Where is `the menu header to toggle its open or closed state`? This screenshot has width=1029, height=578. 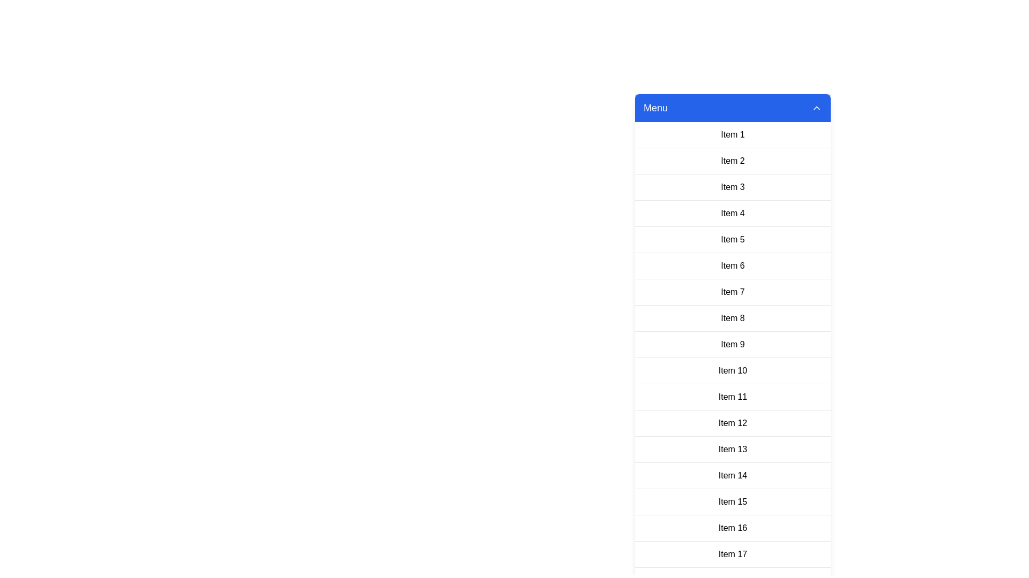 the menu header to toggle its open or closed state is located at coordinates (732, 108).